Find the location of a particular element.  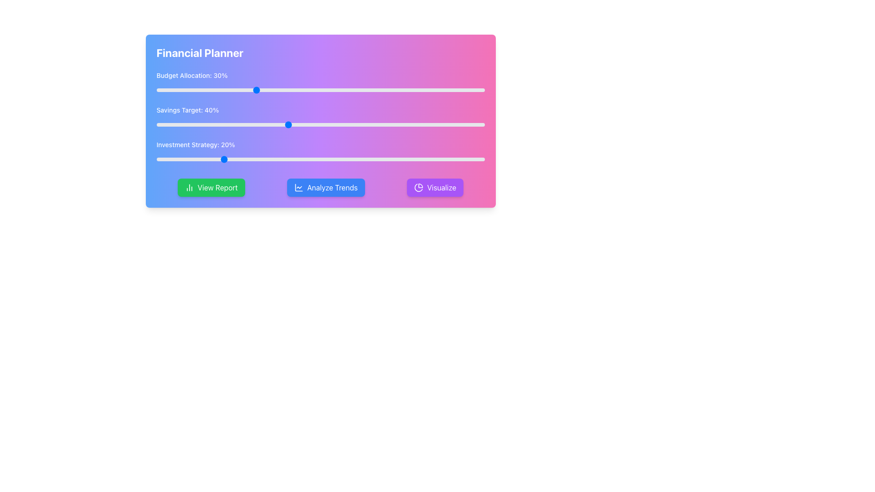

the savings target percentage is located at coordinates (330, 124).